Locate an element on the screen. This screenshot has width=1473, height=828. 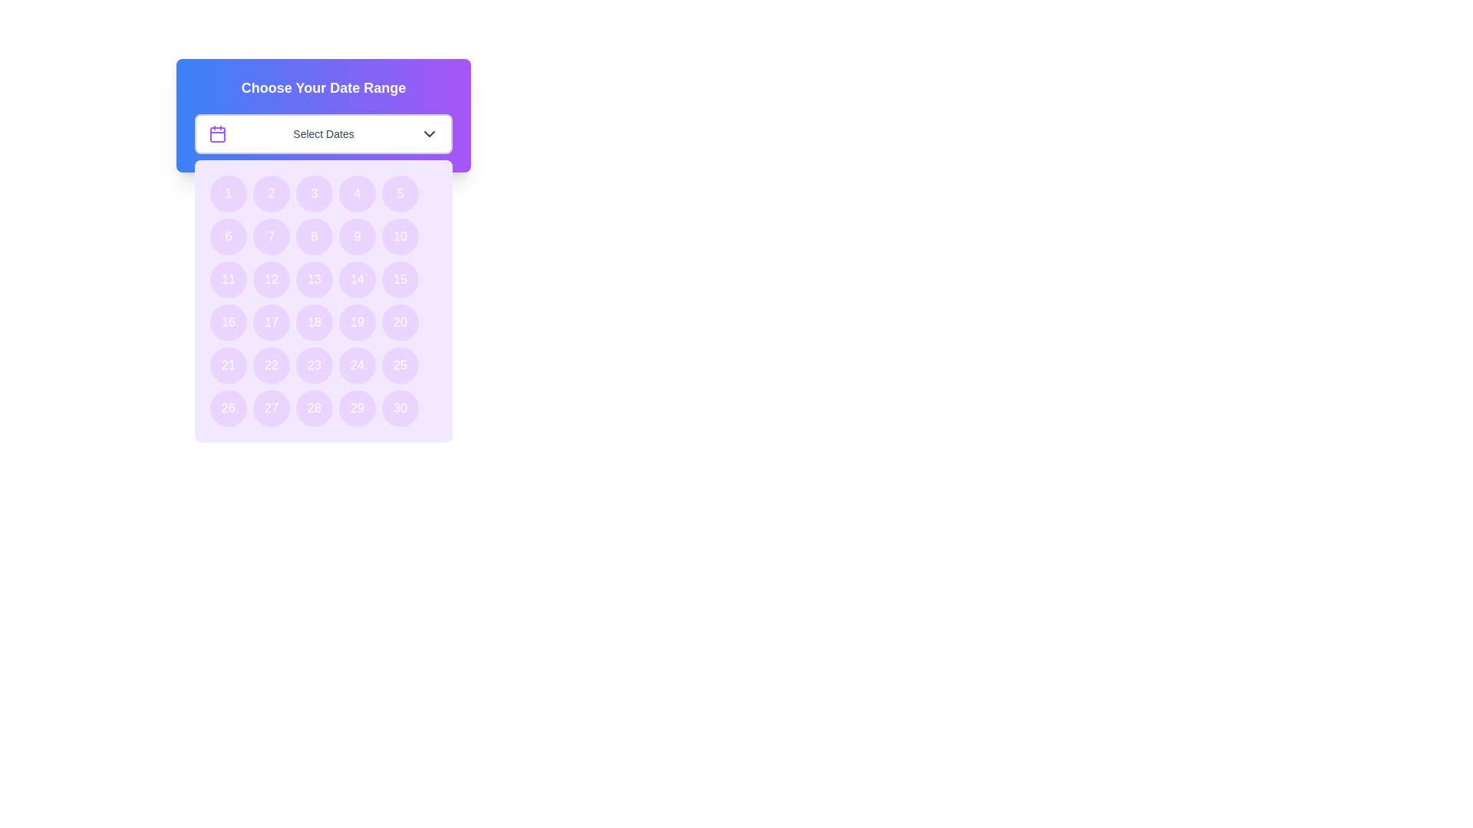
the date selection button for the 17th day located in the second position of the fifth row in the calendar interface is located at coordinates (272, 321).